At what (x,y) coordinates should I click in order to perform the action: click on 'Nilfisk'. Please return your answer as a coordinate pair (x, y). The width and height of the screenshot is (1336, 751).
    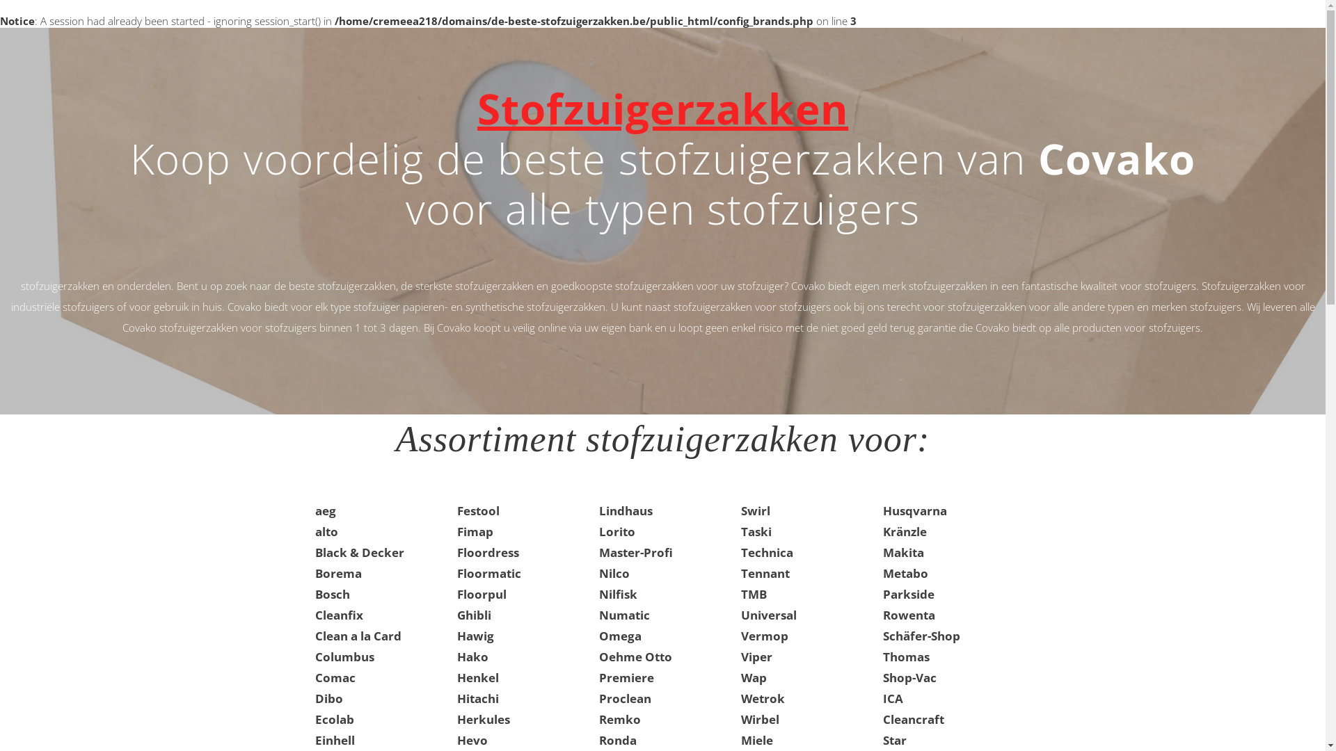
    Looking at the image, I should click on (617, 594).